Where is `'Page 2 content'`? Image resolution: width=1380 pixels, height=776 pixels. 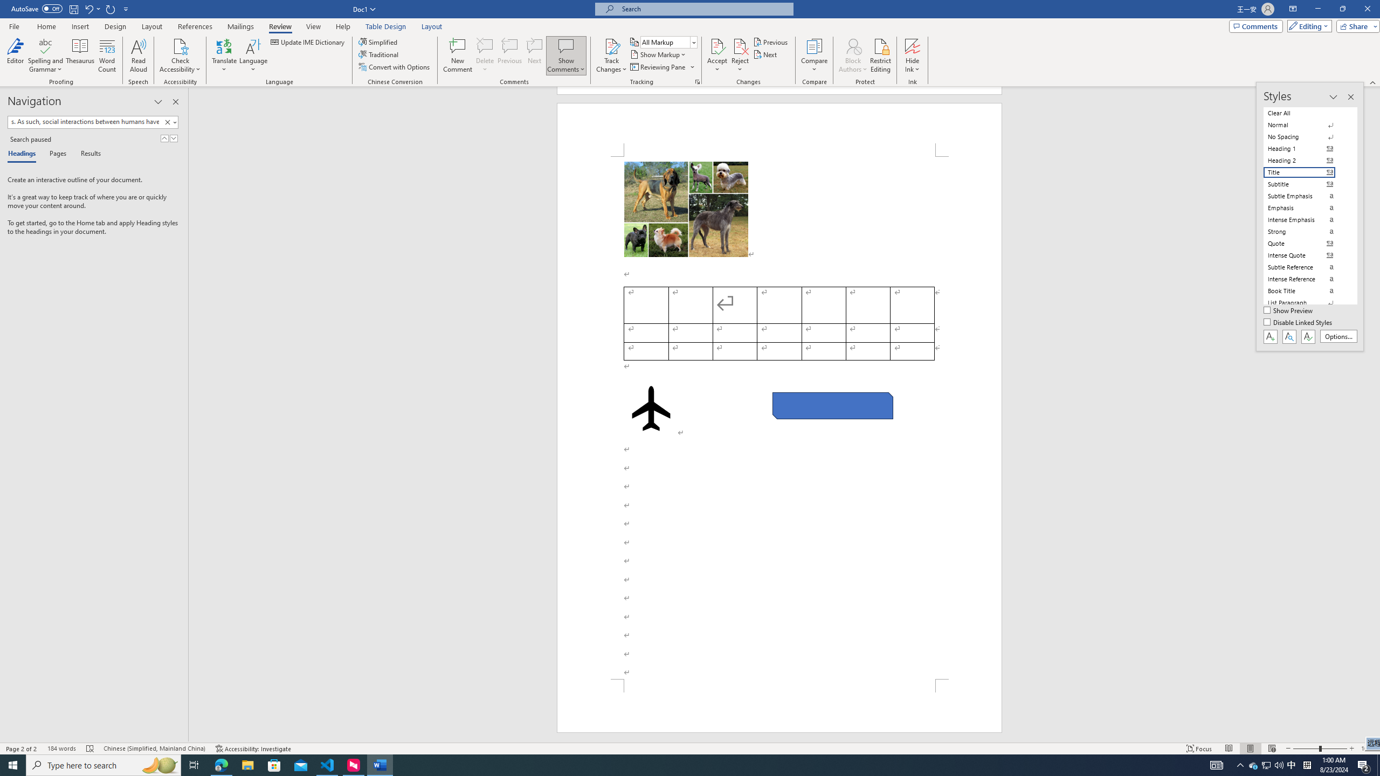
'Page 2 content' is located at coordinates (779, 417).